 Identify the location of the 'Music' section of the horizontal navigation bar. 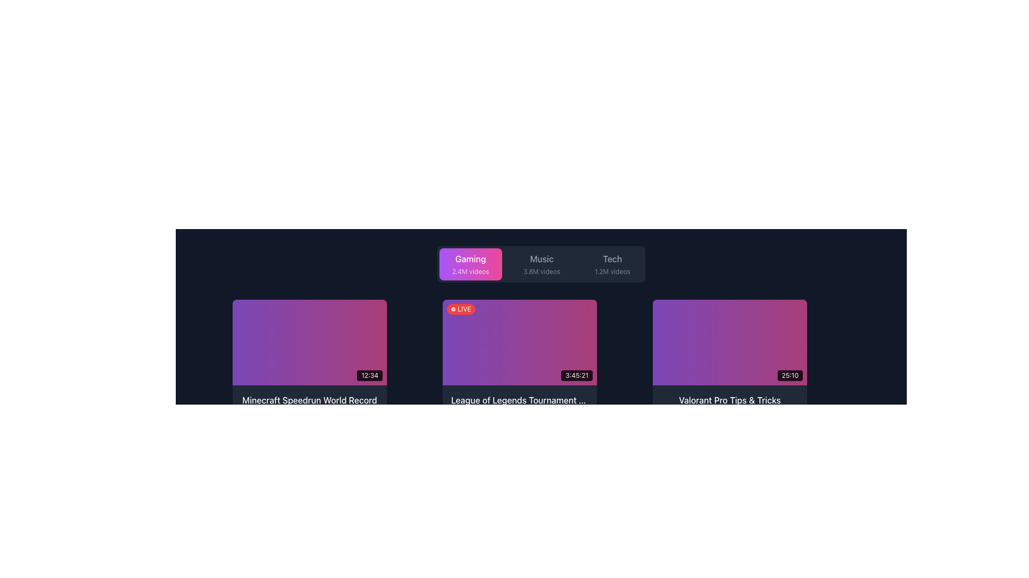
(541, 264).